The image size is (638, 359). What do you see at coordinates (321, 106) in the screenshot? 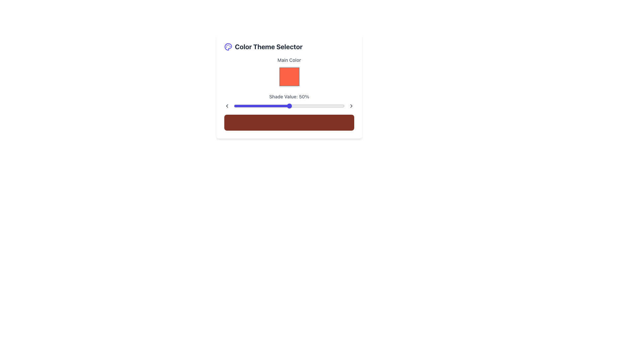
I see `the shade value` at bounding box center [321, 106].